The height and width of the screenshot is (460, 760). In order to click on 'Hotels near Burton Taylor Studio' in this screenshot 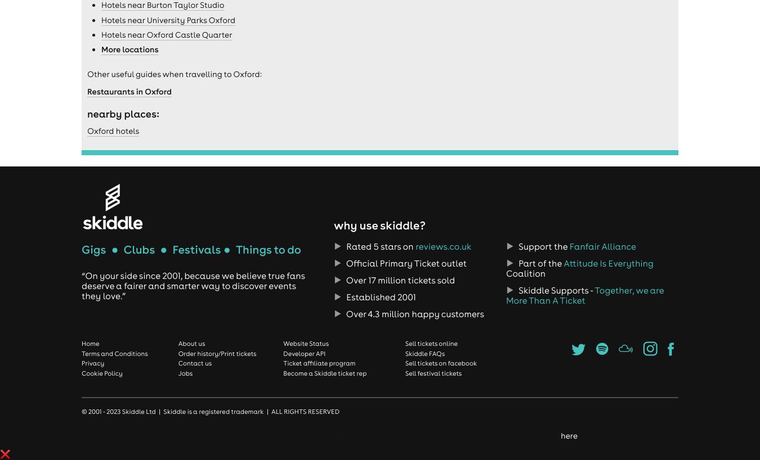, I will do `click(101, 4)`.